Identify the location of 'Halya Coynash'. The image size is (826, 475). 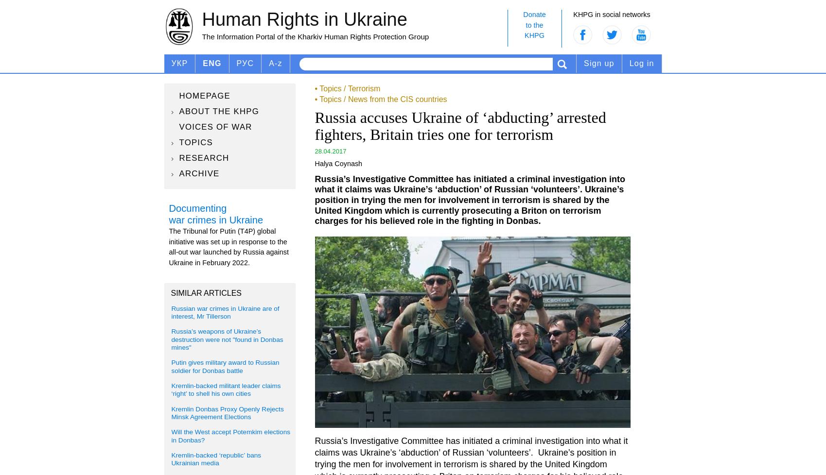
(338, 163).